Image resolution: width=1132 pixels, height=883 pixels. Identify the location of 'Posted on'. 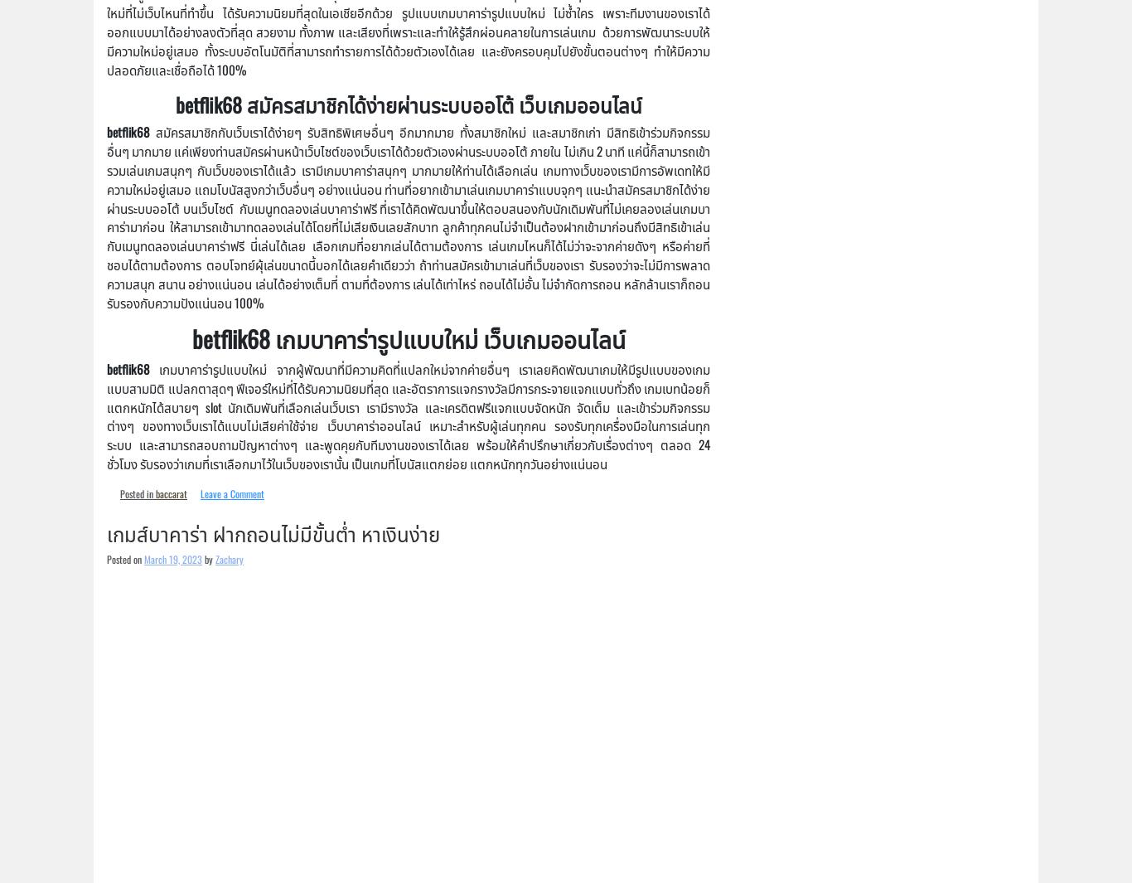
(124, 558).